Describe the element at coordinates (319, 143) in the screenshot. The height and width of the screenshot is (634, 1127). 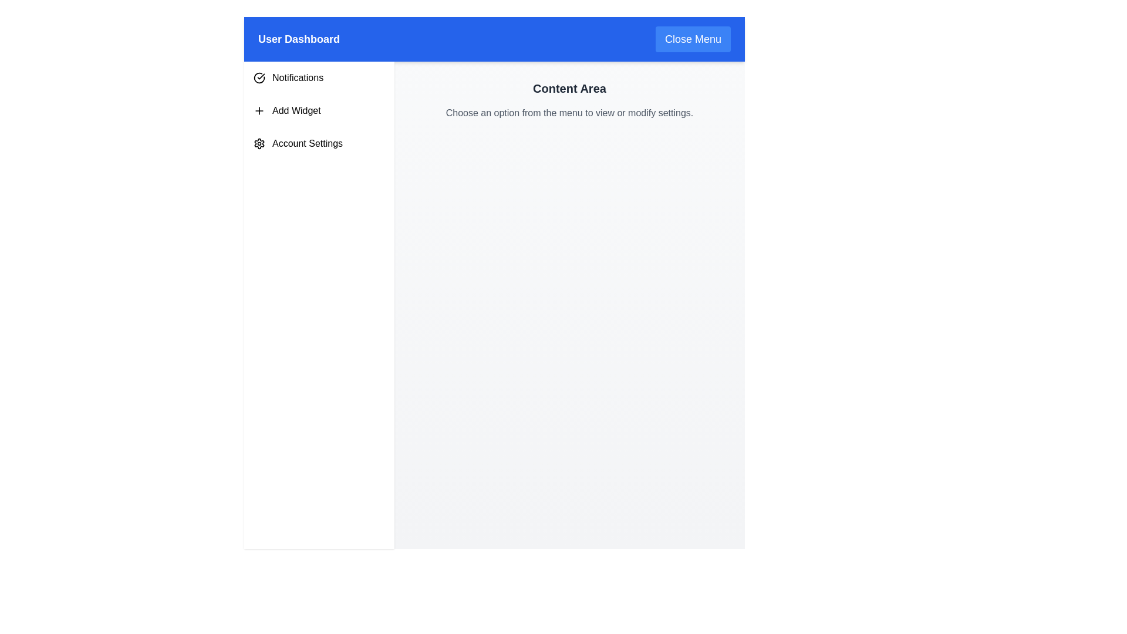
I see `the third menu item in the sidebar` at that location.